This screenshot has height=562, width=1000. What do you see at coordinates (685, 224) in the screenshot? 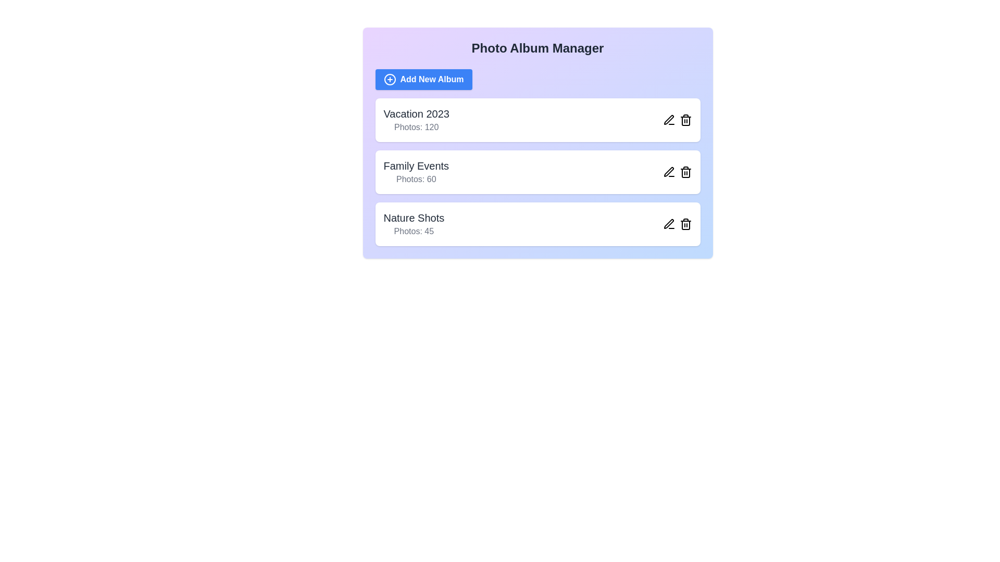
I see `delete button for the album titled Nature Shots` at bounding box center [685, 224].